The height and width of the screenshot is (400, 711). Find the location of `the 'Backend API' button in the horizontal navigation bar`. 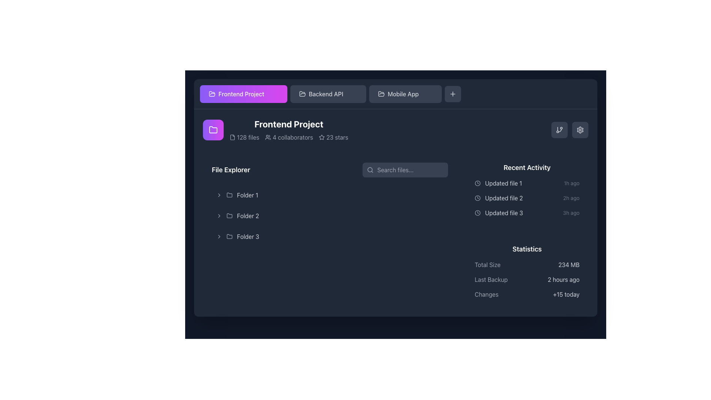

the 'Backend API' button in the horizontal navigation bar is located at coordinates (328, 94).